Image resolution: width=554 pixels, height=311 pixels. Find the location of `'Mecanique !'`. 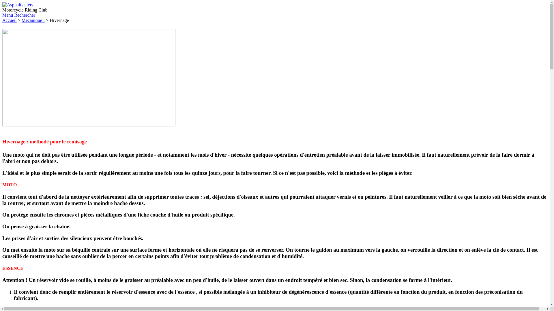

'Mecanique !' is located at coordinates (22, 20).